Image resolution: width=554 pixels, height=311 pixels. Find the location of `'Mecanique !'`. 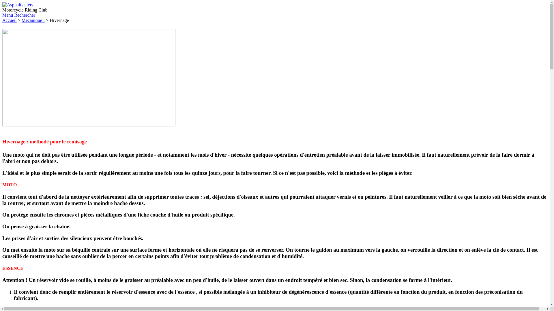

'Mecanique !' is located at coordinates (22, 20).